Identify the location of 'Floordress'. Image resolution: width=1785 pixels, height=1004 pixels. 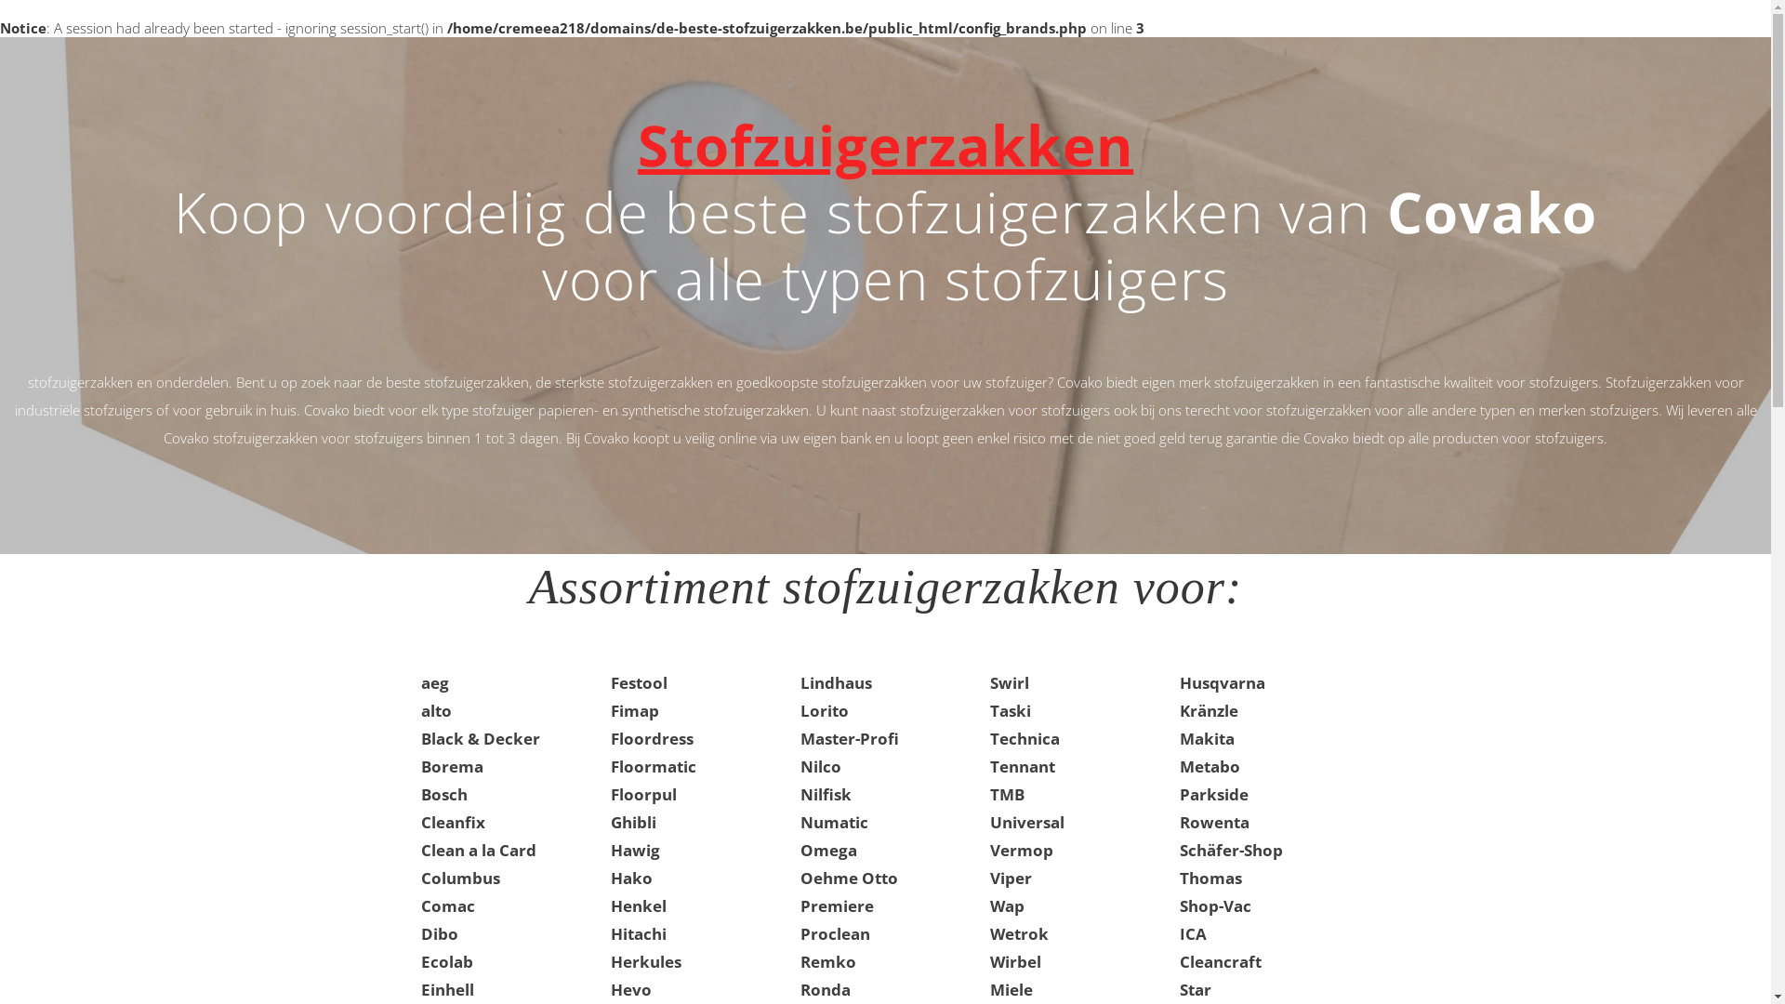
(651, 737).